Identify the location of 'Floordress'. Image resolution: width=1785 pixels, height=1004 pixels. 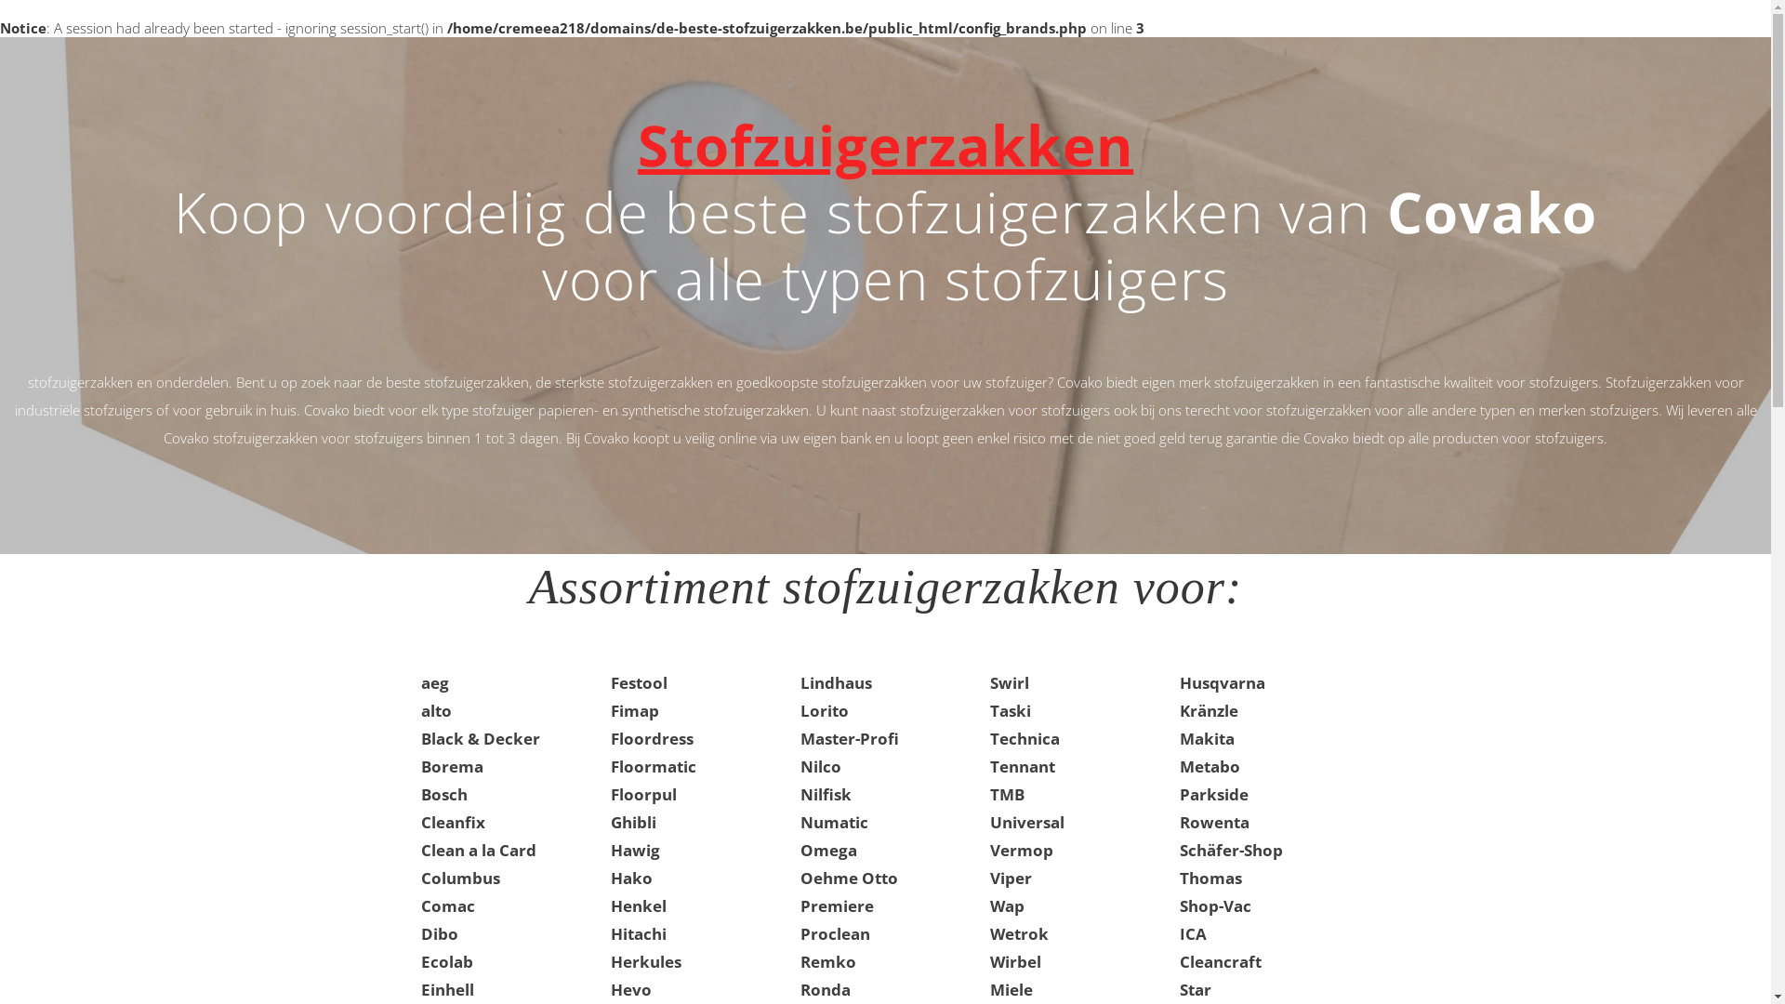
(651, 737).